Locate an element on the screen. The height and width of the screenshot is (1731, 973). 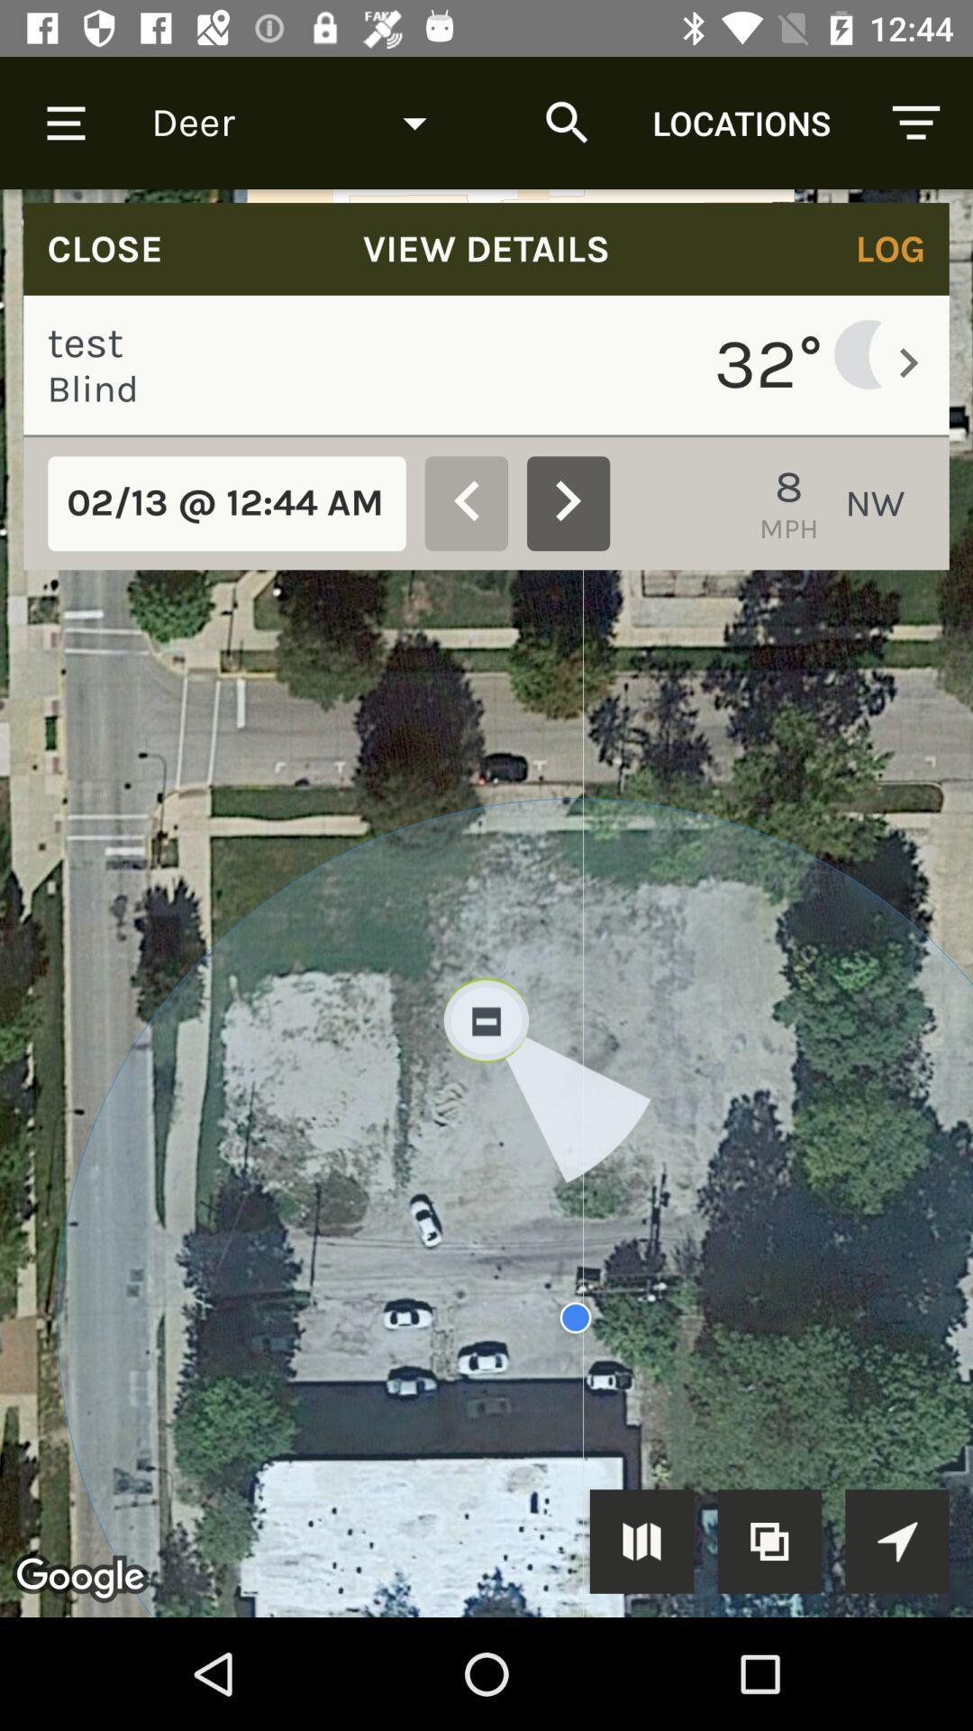
arrow is located at coordinates (896, 1540).